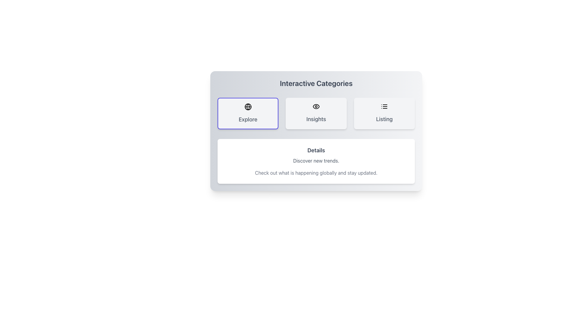  What do you see at coordinates (248, 119) in the screenshot?
I see `text label containing the word 'Explore' which is styled in medium gray font and located below an icon in the leftmost section of a horizontal group of clickable sections` at bounding box center [248, 119].